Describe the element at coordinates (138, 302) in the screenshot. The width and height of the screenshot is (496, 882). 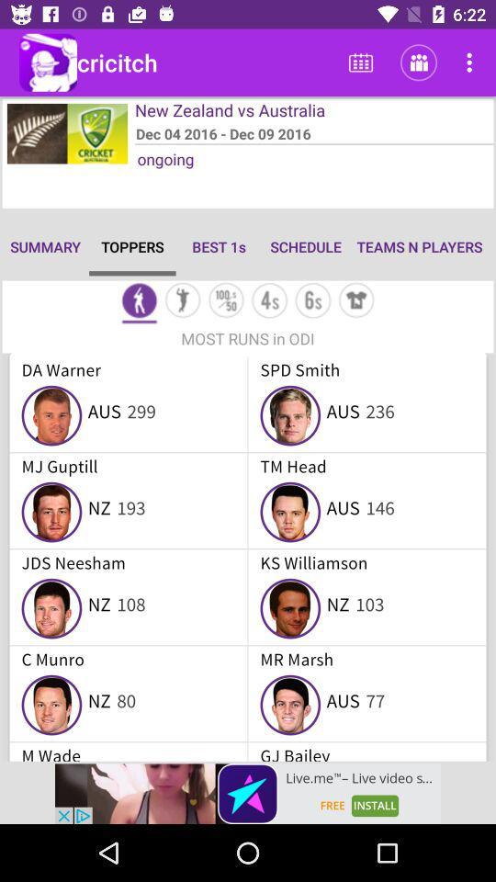
I see `menu page` at that location.